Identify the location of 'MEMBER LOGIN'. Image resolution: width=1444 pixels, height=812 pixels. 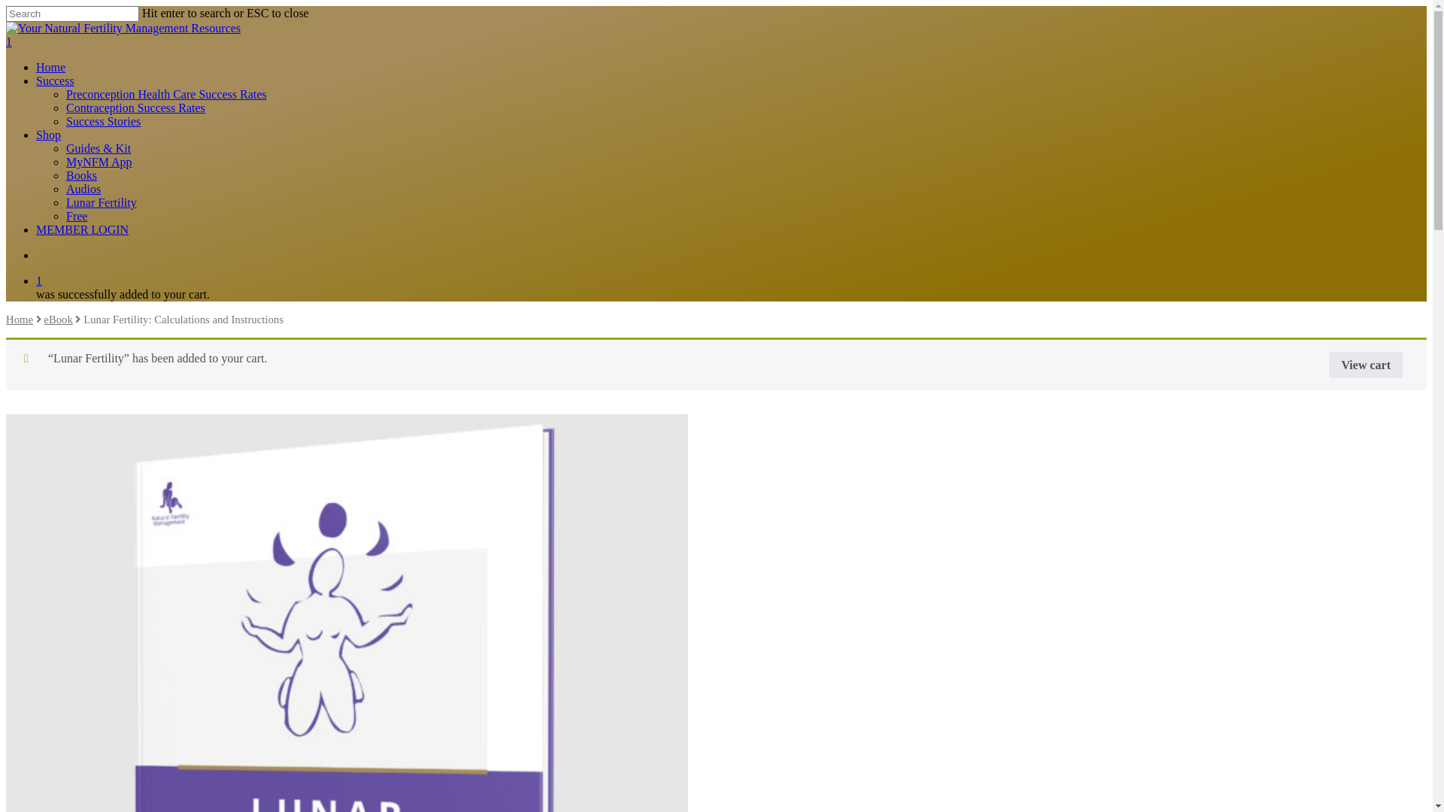
(36, 229).